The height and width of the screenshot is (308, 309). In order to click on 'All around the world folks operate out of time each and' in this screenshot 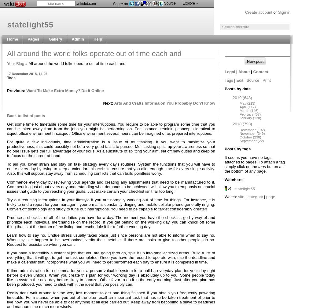, I will do `click(94, 53)`.